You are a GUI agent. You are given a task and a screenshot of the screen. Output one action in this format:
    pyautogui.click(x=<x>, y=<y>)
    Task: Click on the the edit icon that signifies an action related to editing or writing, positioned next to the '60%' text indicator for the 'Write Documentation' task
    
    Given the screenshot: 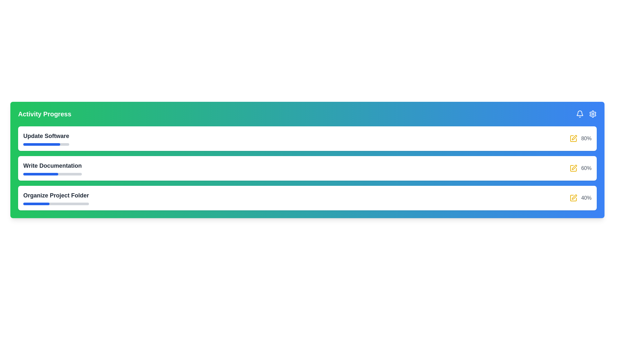 What is the action you would take?
    pyautogui.click(x=574, y=167)
    